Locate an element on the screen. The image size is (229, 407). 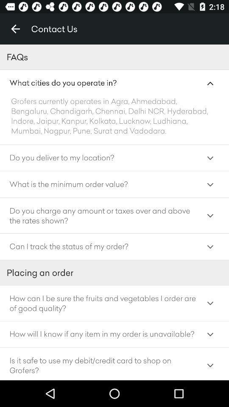
the item next to the contact us icon is located at coordinates (15, 29).